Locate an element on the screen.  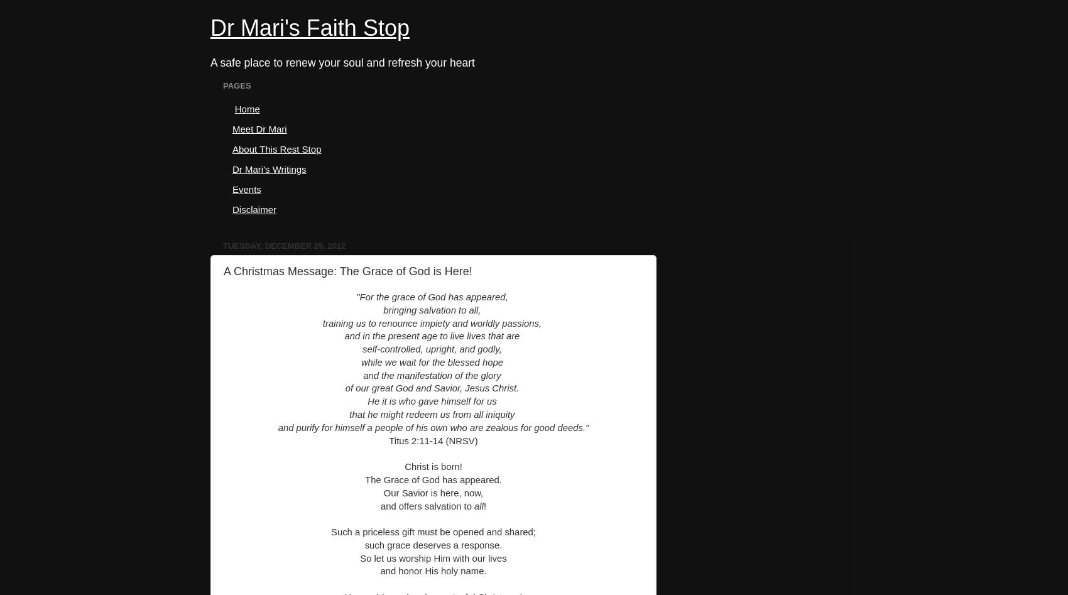
'all' is located at coordinates (477, 506).